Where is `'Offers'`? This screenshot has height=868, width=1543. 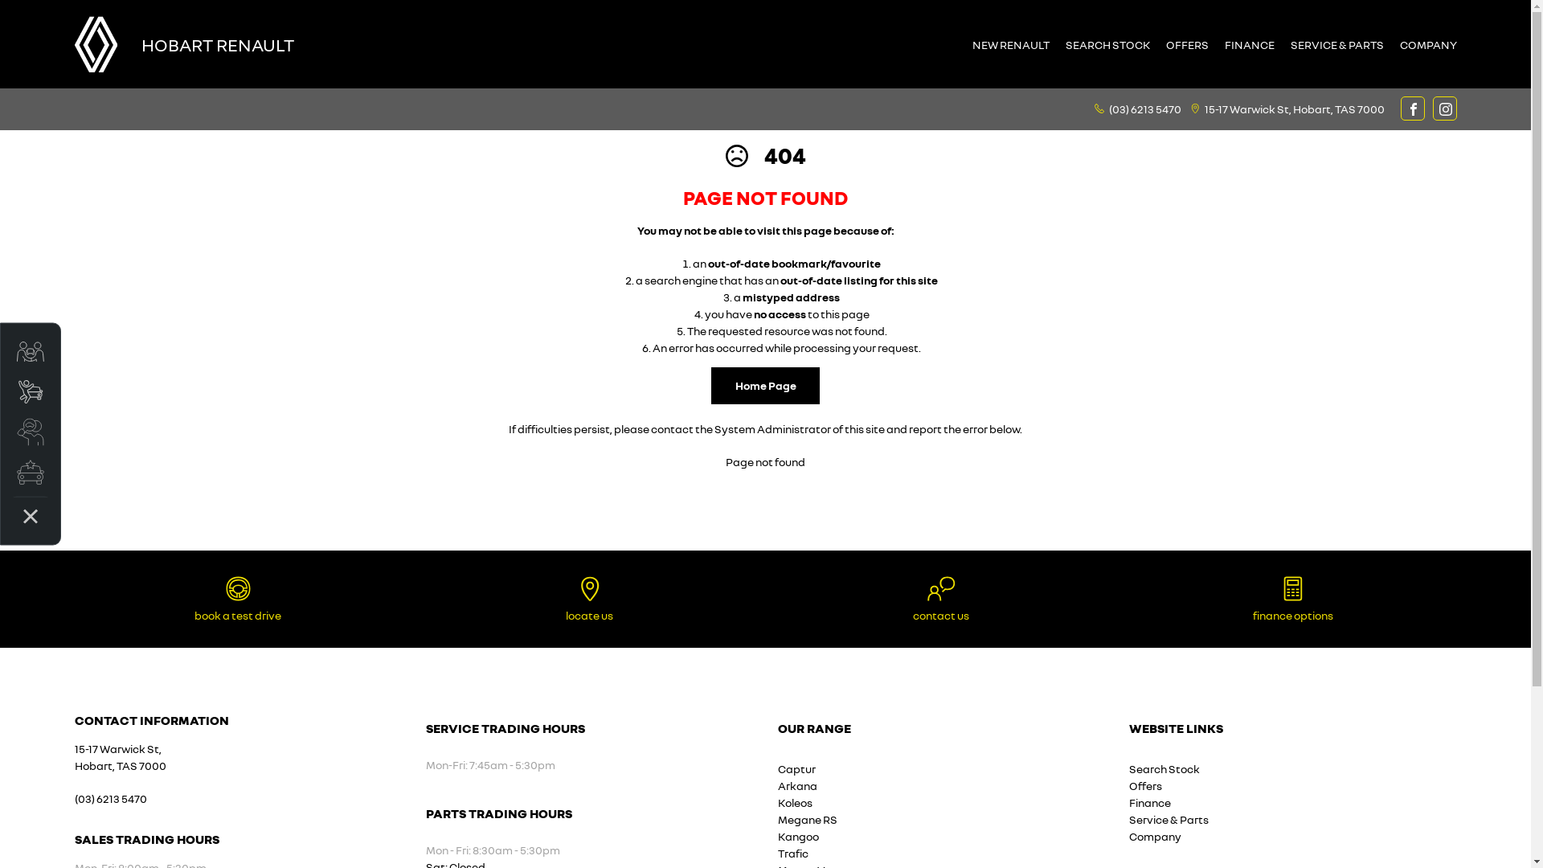
'Offers' is located at coordinates (1144, 784).